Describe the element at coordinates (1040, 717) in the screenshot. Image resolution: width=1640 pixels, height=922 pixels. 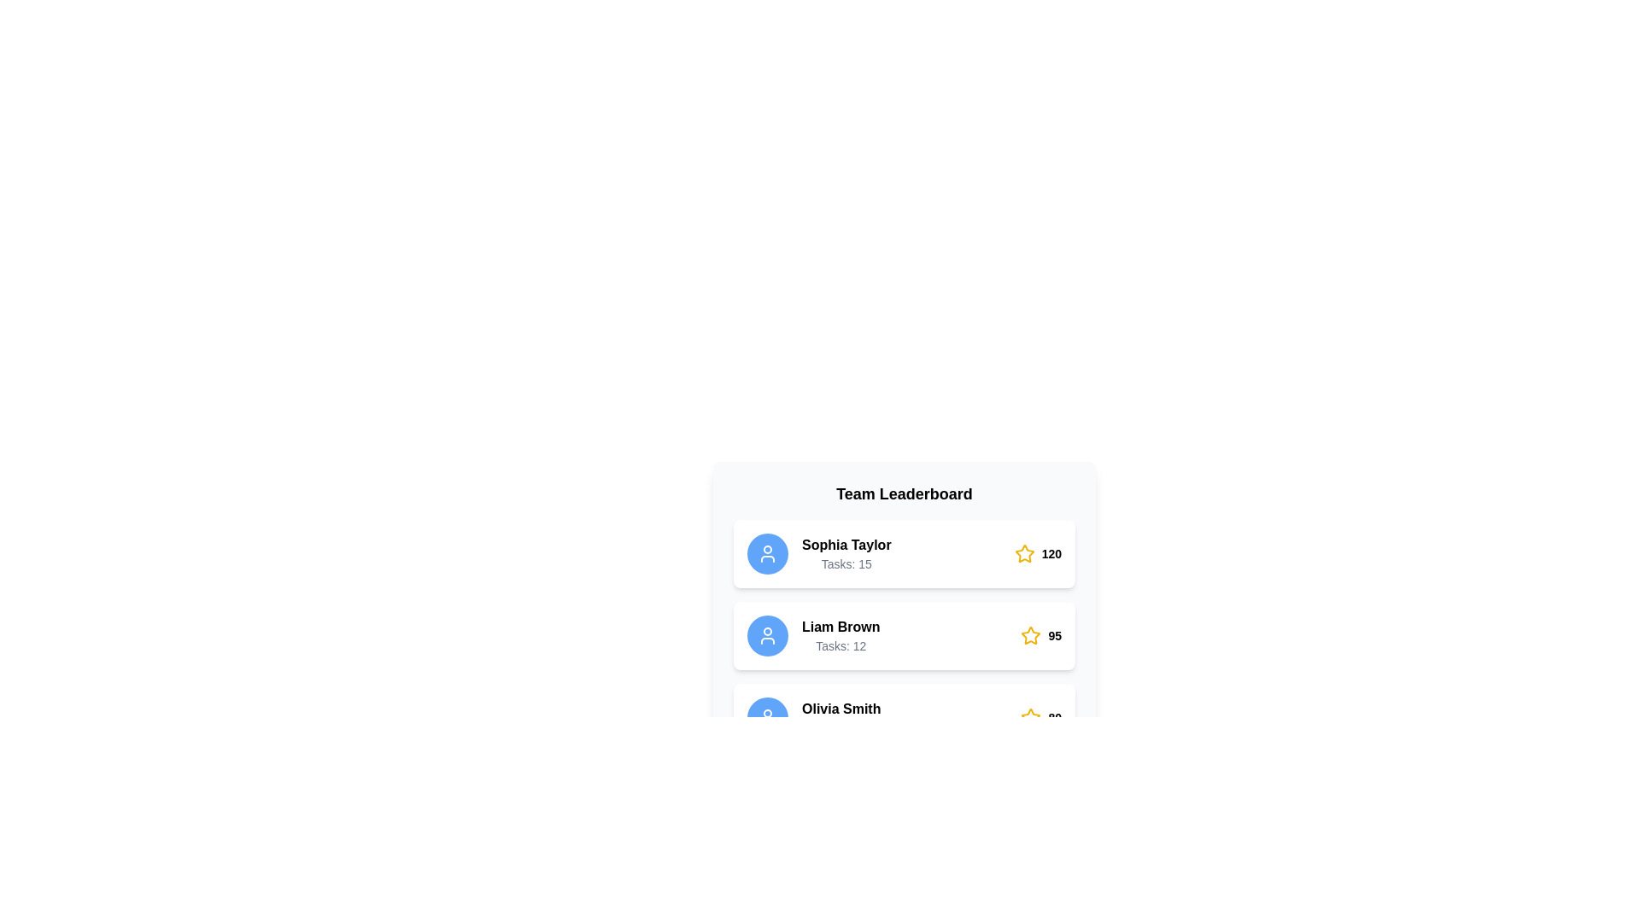
I see `the Rating indicator for Olivia Smith, which is represented by a star icon followed by the number '80', located at the far right of the bottommost card` at that location.